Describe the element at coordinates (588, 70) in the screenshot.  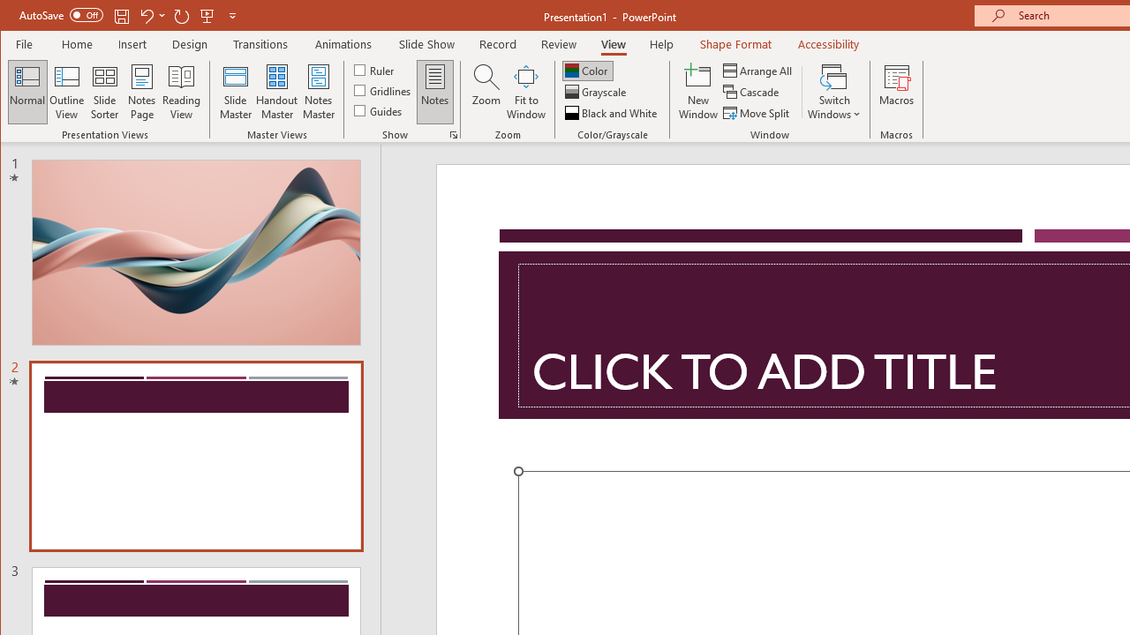
I see `'Color'` at that location.